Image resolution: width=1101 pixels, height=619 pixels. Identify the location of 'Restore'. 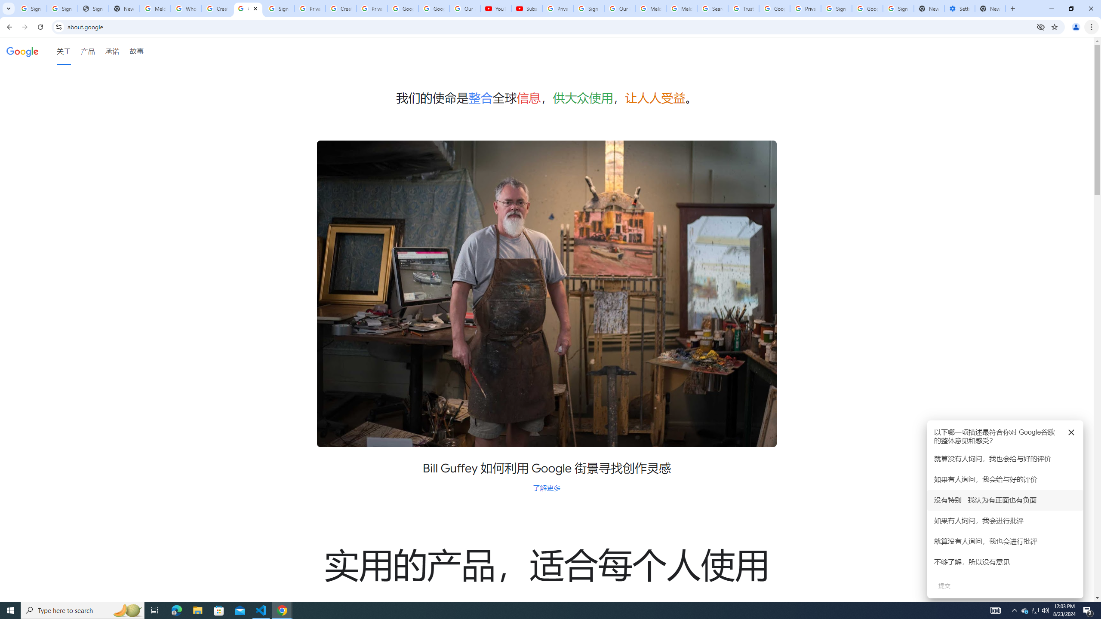
(1071, 8).